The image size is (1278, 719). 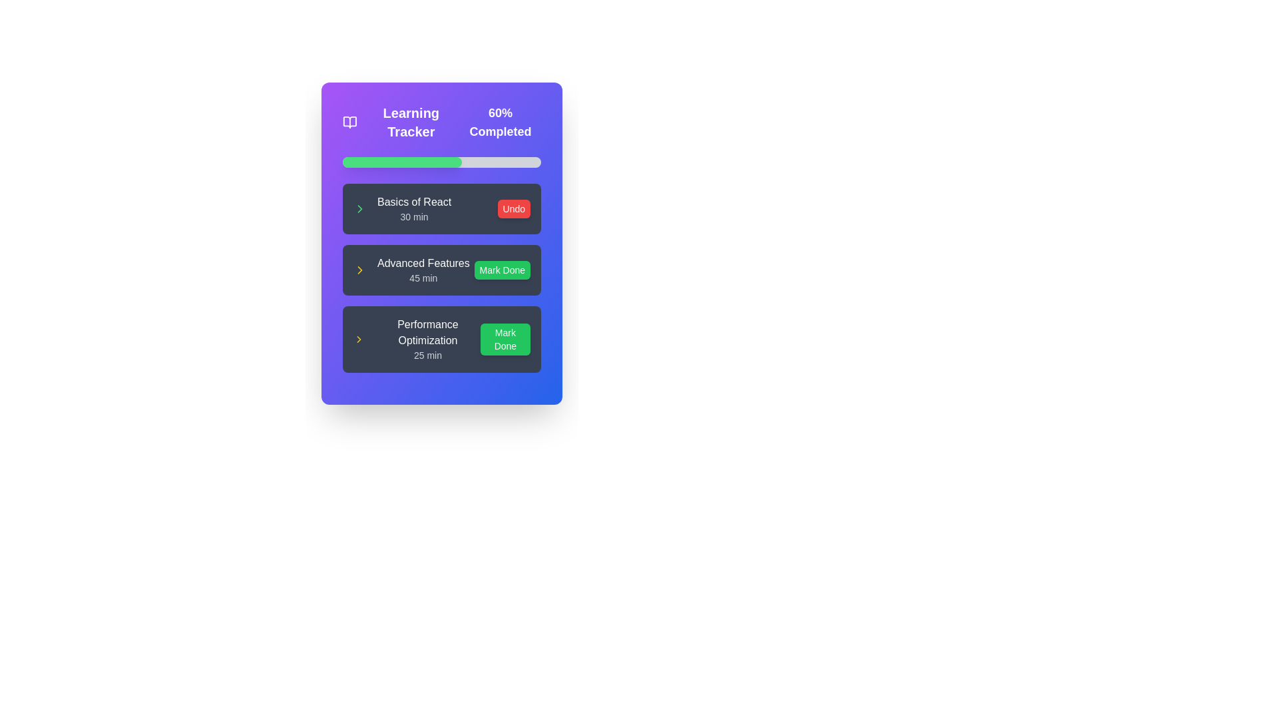 I want to click on the green progress bar element, which is located inside a gray background progress track and indicates progress at approximately 60%, so click(x=401, y=161).